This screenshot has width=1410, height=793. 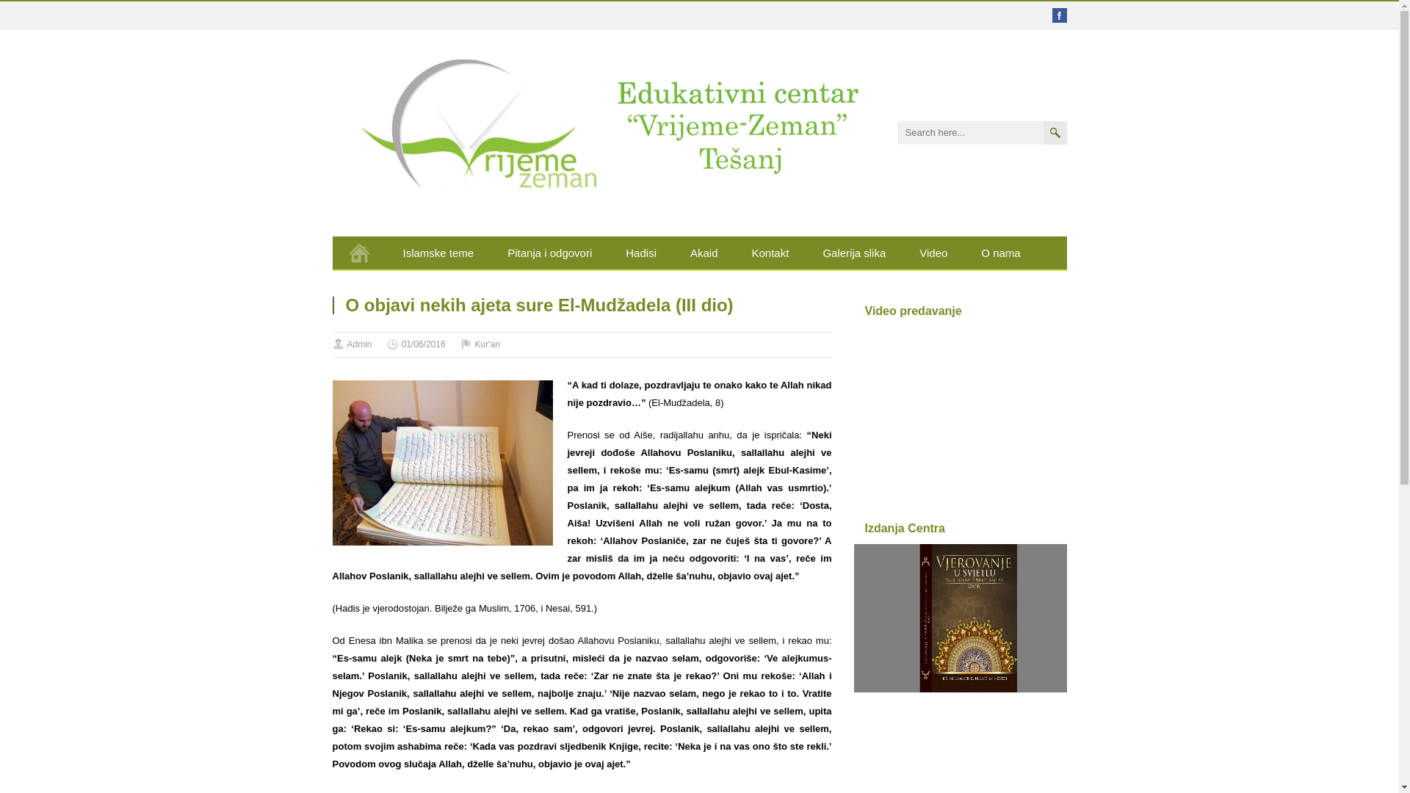 I want to click on 'Kur'an', so click(x=487, y=344).